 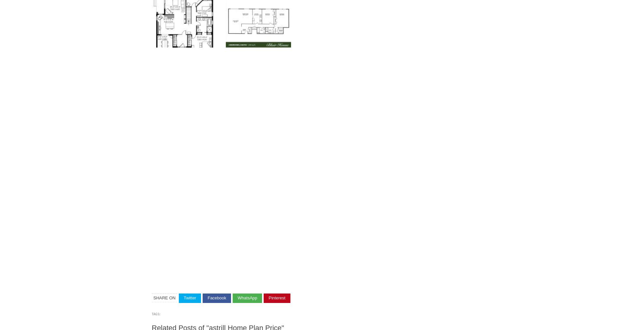 What do you see at coordinates (354, 104) in the screenshot?
I see `'Astrill Home Plan Price Manufactured Home Plans and Prices'` at bounding box center [354, 104].